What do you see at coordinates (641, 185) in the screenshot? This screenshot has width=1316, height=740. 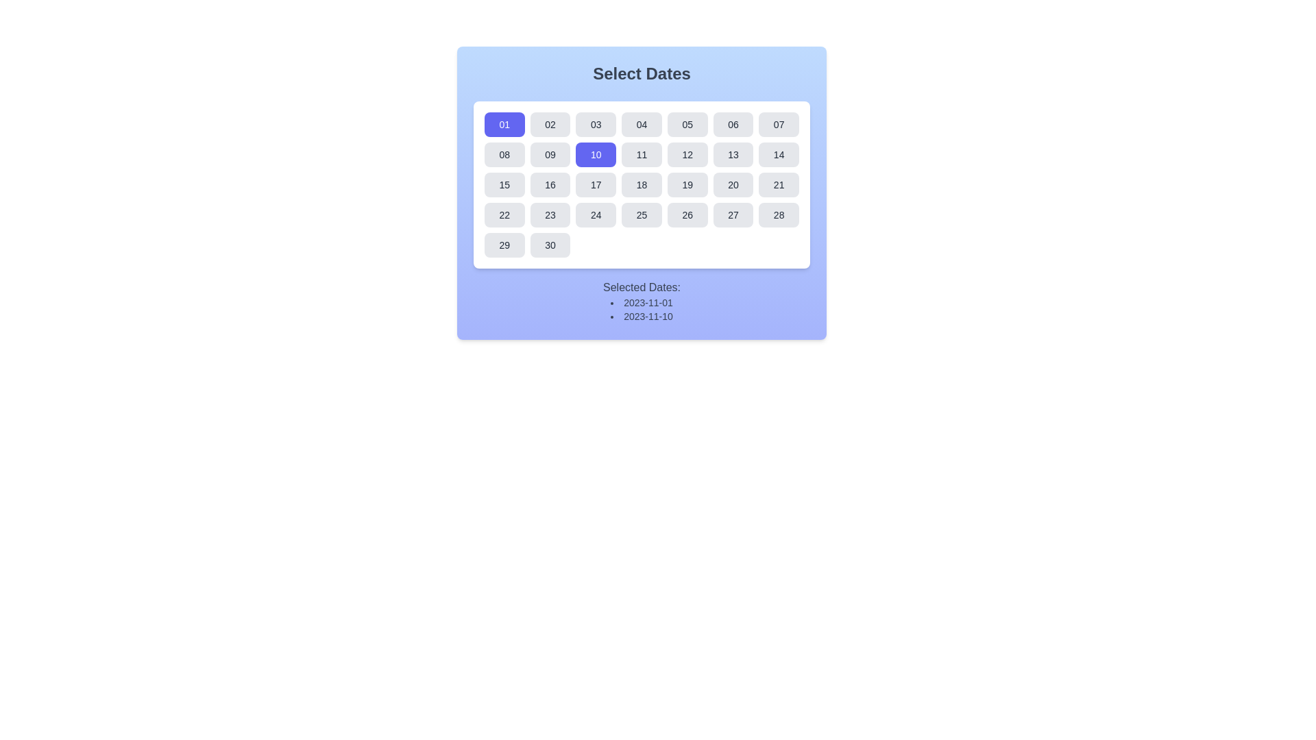 I see `the button displaying the number '18' in a medium gray rectangular shape with rounded corners` at bounding box center [641, 185].